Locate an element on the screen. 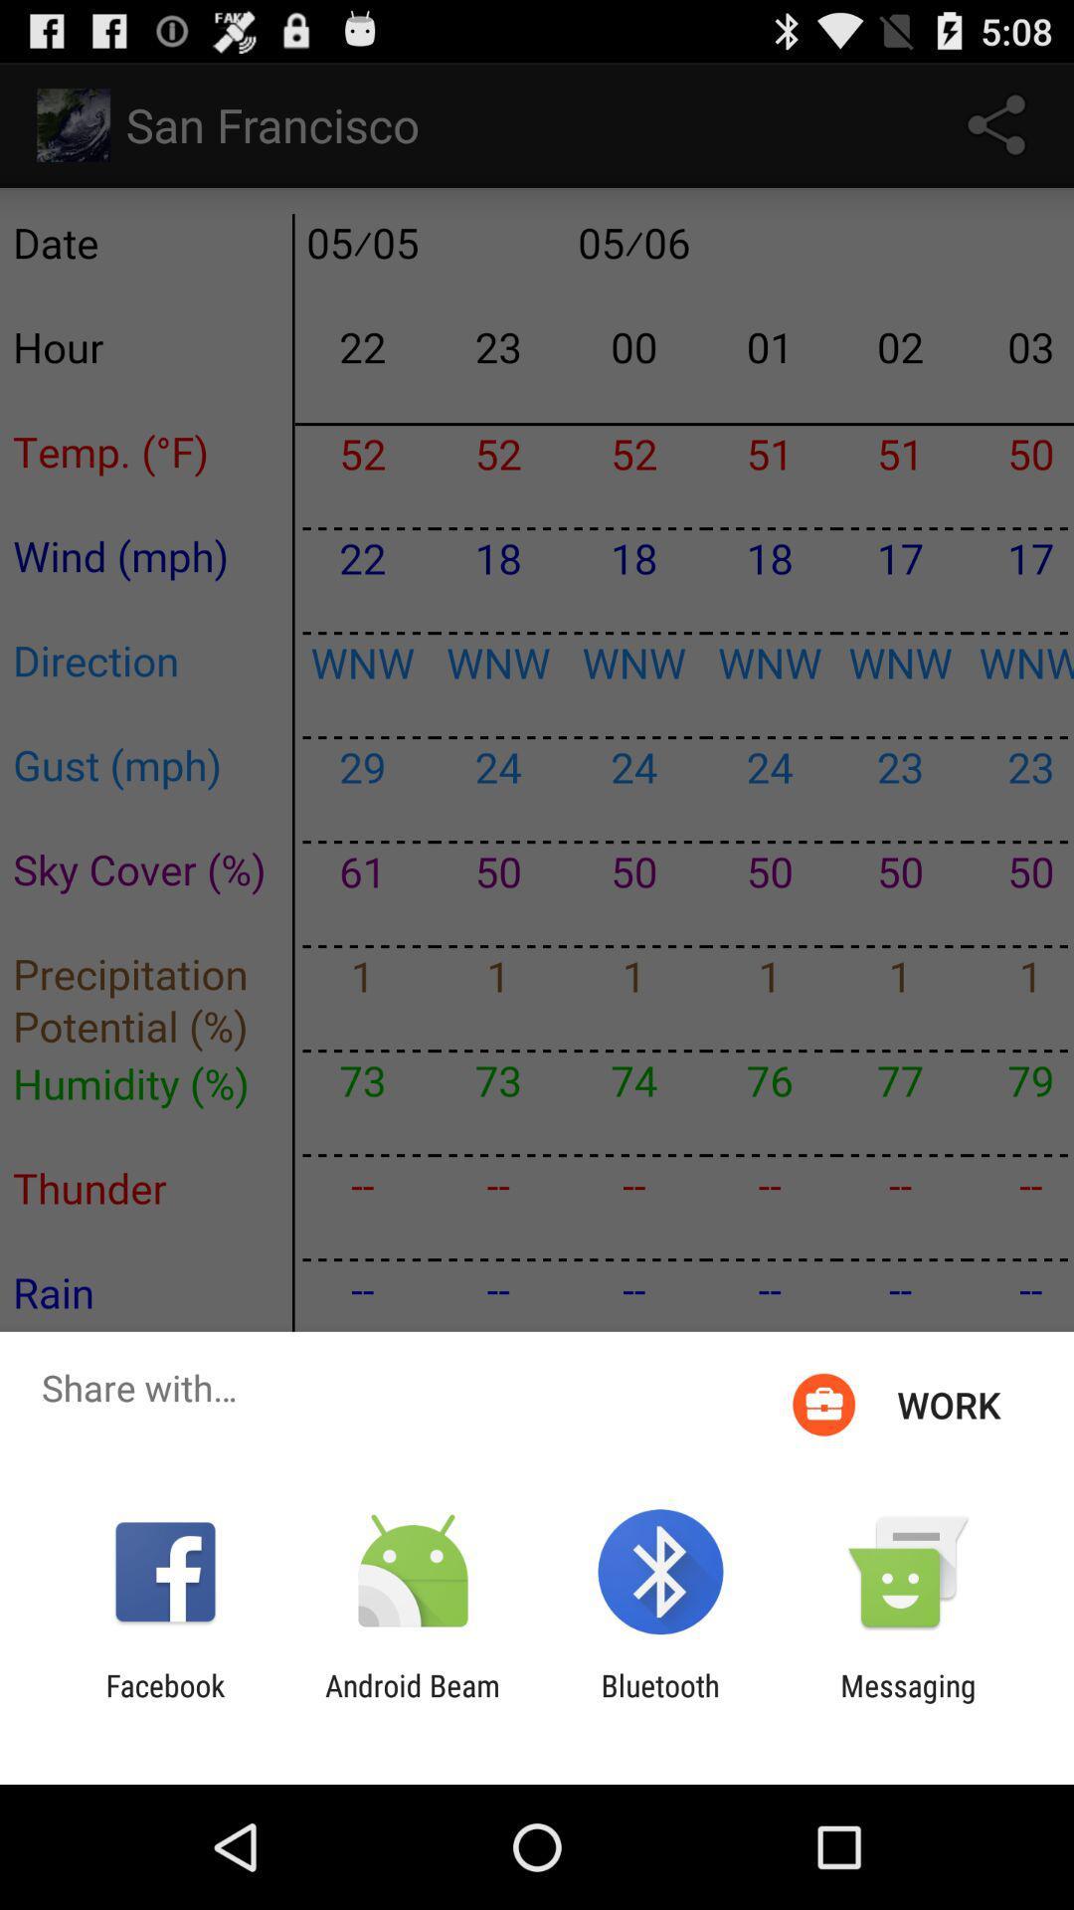 Image resolution: width=1074 pixels, height=1910 pixels. icon to the left of the bluetooth is located at coordinates (412, 1702).